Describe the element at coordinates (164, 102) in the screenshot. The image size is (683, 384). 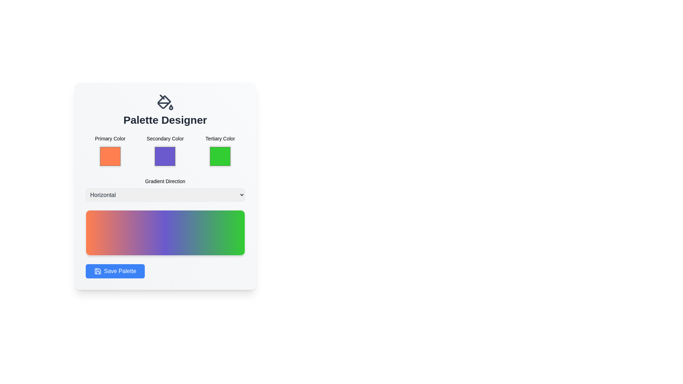
I see `the decorative paint bucket icon located above the title text 'Palette Designer'` at that location.